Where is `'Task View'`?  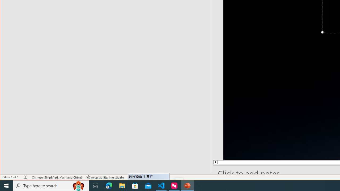 'Task View' is located at coordinates (95, 185).